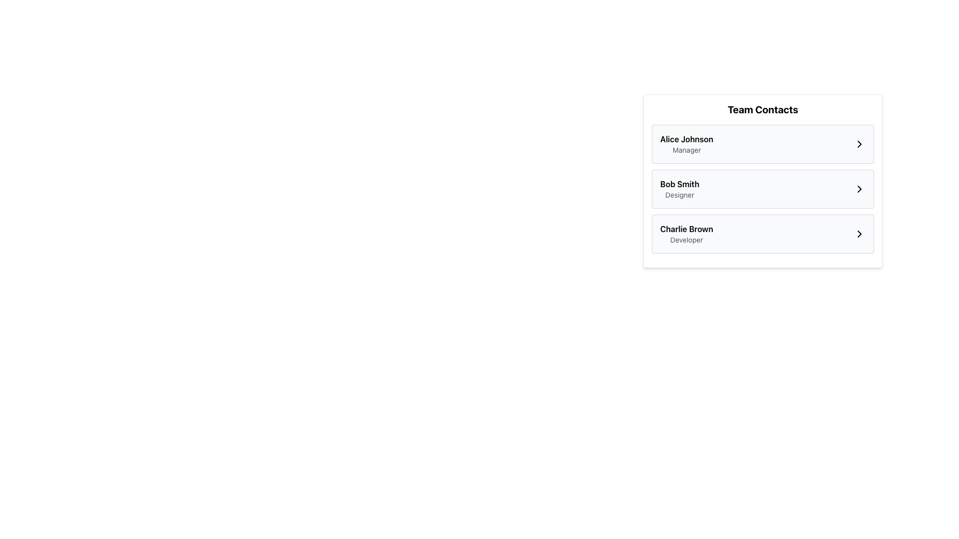  What do you see at coordinates (679, 184) in the screenshot?
I see `the text label displaying 'Bob Smith', which is styled in bold font and located in the center of a contact card, above the 'Designer' label` at bounding box center [679, 184].